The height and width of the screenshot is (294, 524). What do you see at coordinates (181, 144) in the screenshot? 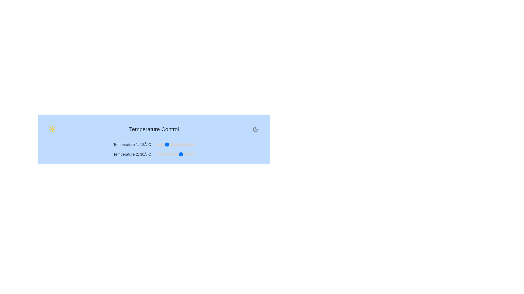
I see `Temperature 1` at bounding box center [181, 144].